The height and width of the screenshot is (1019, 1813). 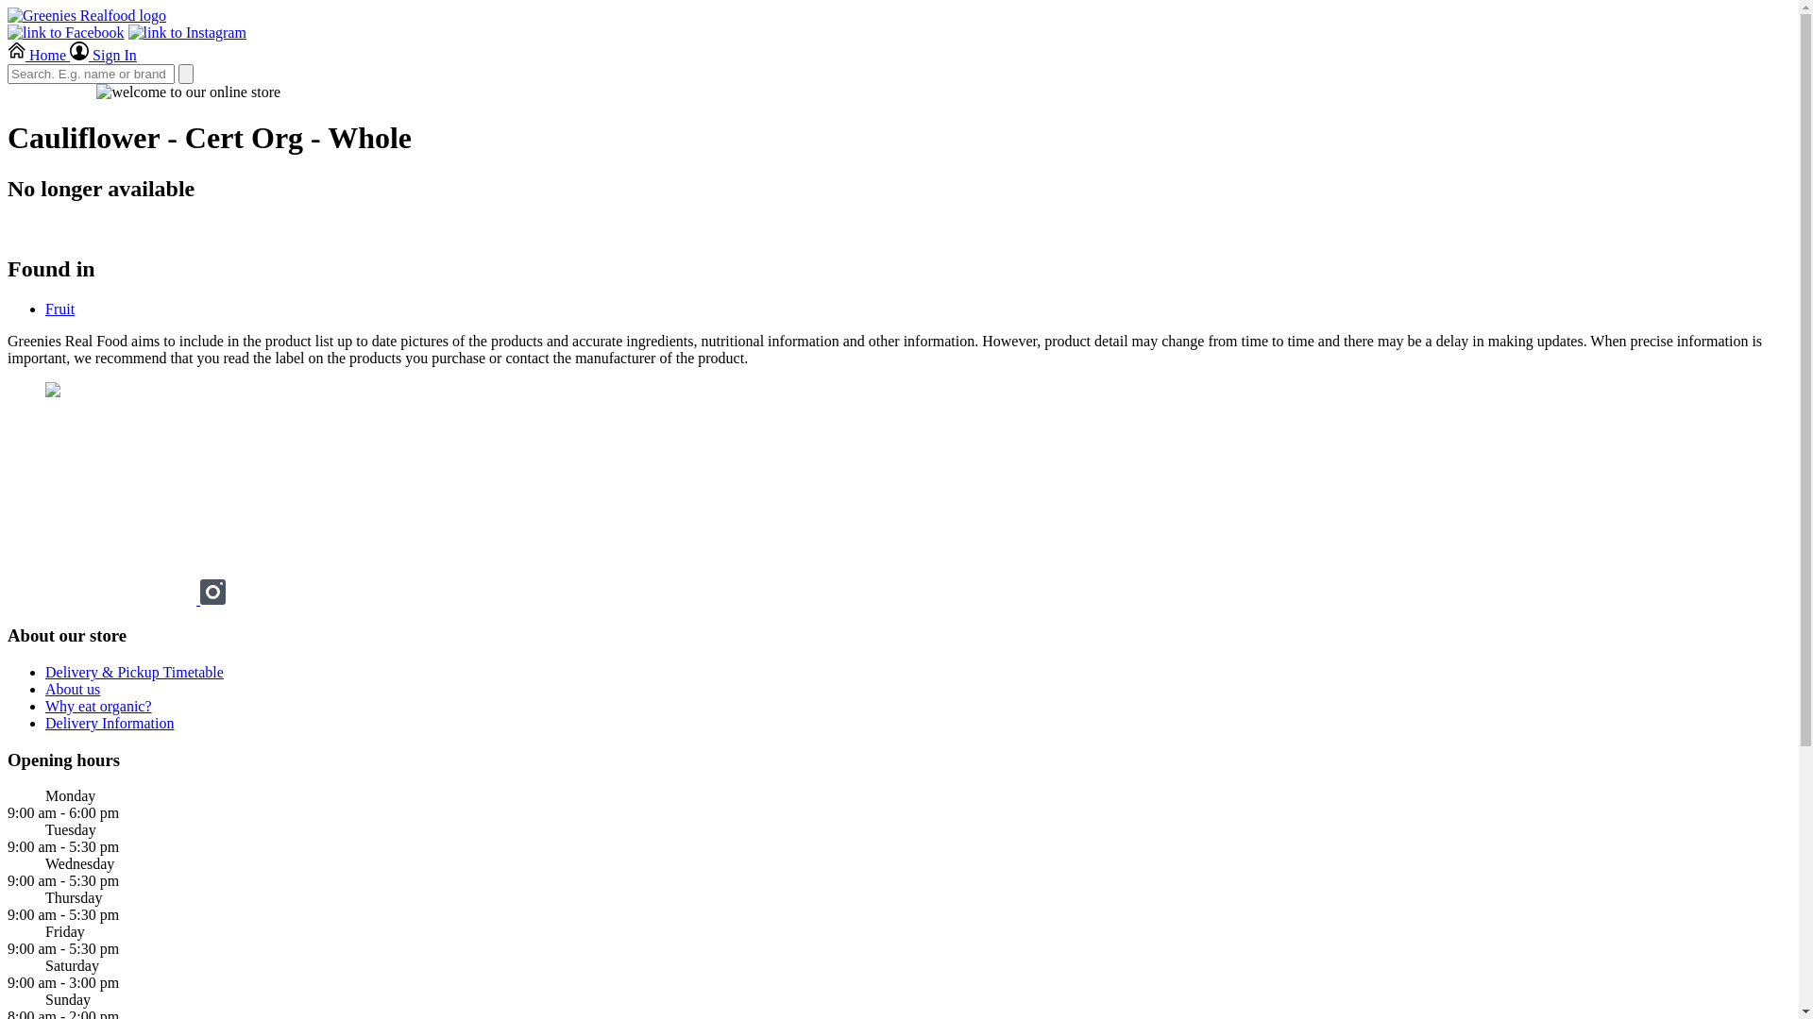 I want to click on 'Instagram greeniesrealfooddarwin', so click(x=212, y=599).